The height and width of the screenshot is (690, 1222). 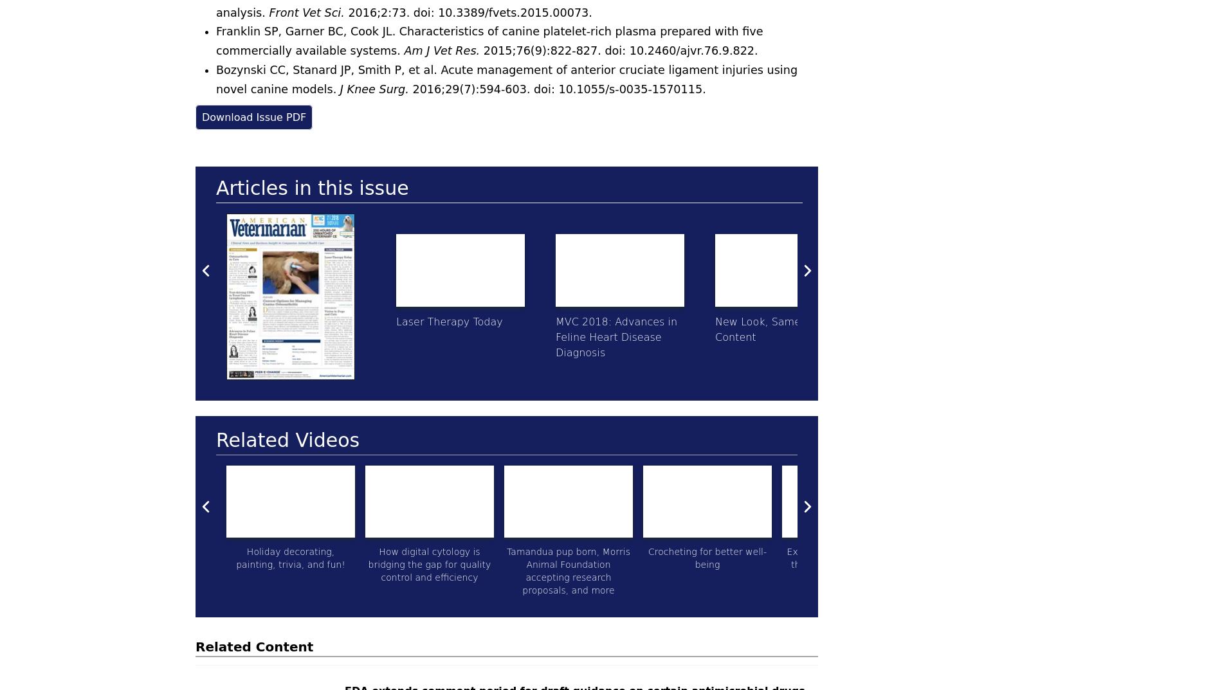 I want to click on 'doi: 10.2460/ajvr.76.9.822.', so click(x=681, y=50).